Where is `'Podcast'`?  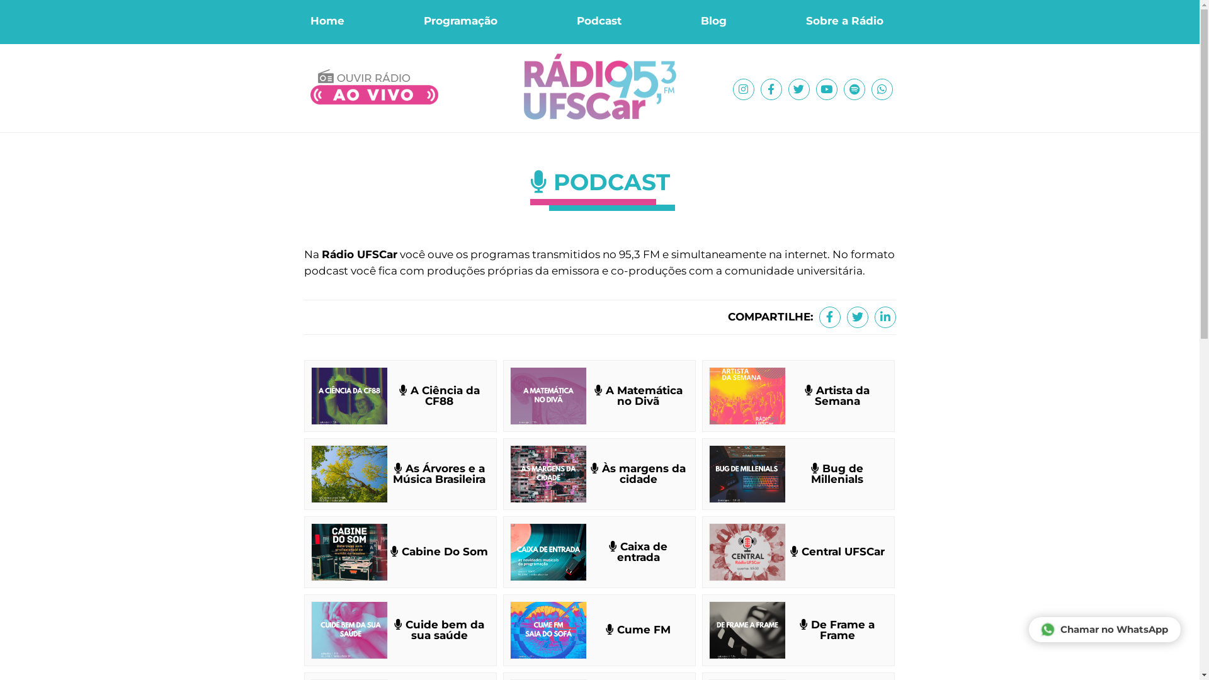
'Podcast' is located at coordinates (598, 21).